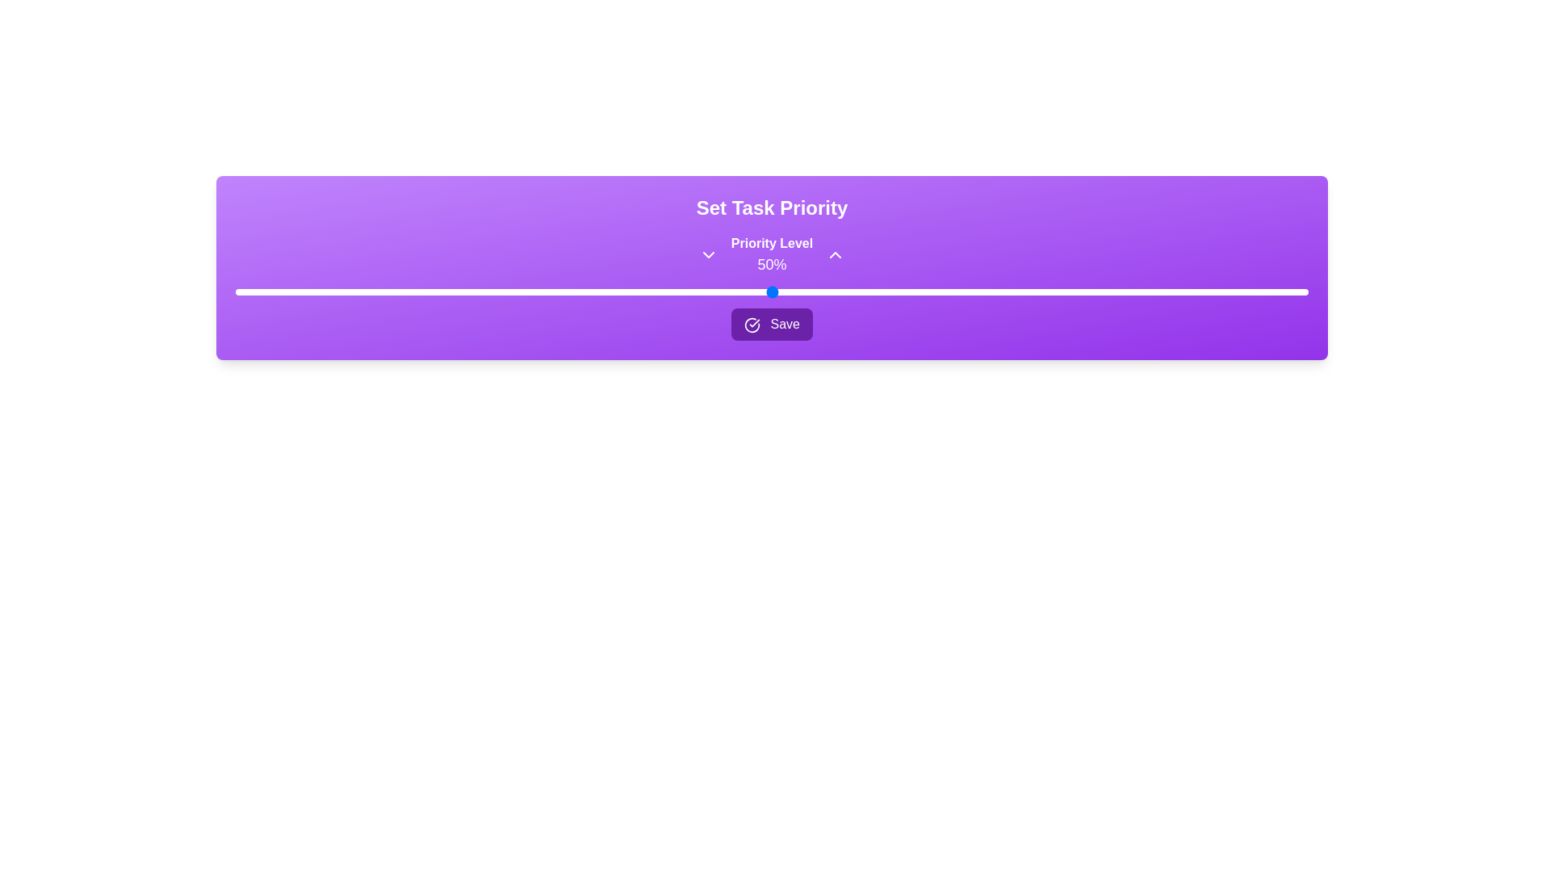 Image resolution: width=1550 pixels, height=872 pixels. Describe the element at coordinates (341, 292) in the screenshot. I see `the priority level` at that location.